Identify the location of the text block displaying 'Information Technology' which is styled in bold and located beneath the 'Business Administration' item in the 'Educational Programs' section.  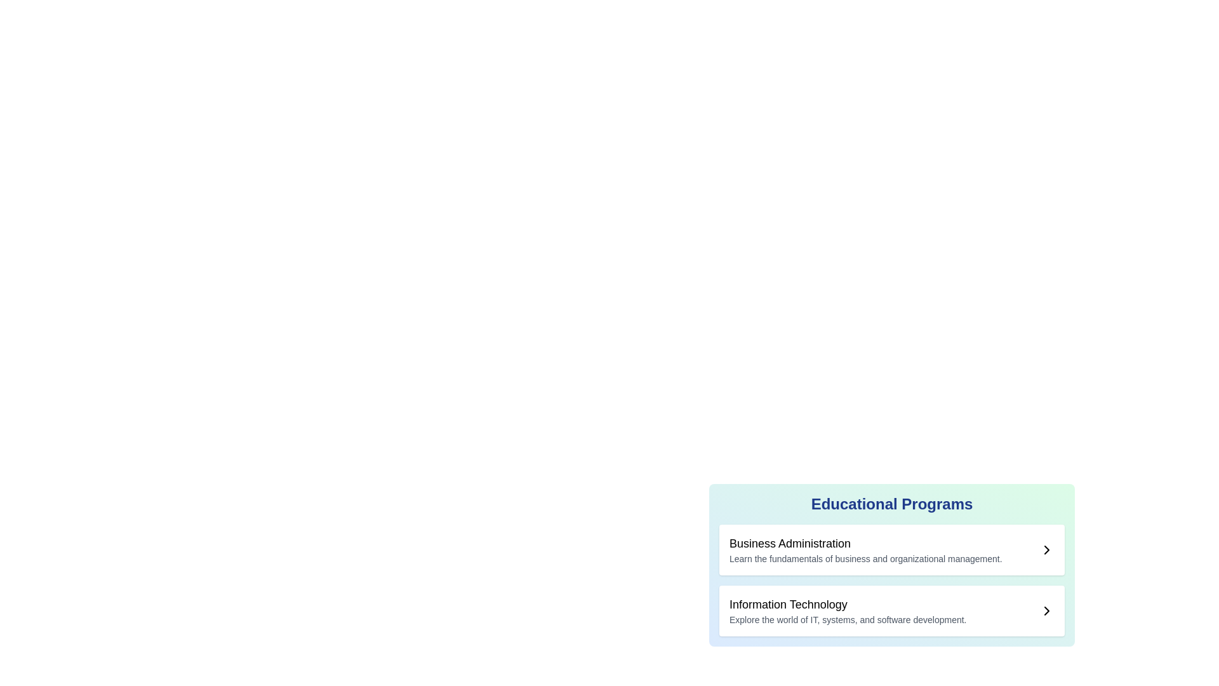
(848, 610).